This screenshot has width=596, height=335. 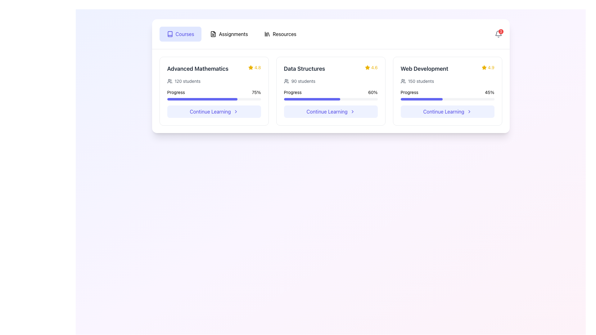 I want to click on the 'Assignments' navigation button located, so click(x=229, y=34).